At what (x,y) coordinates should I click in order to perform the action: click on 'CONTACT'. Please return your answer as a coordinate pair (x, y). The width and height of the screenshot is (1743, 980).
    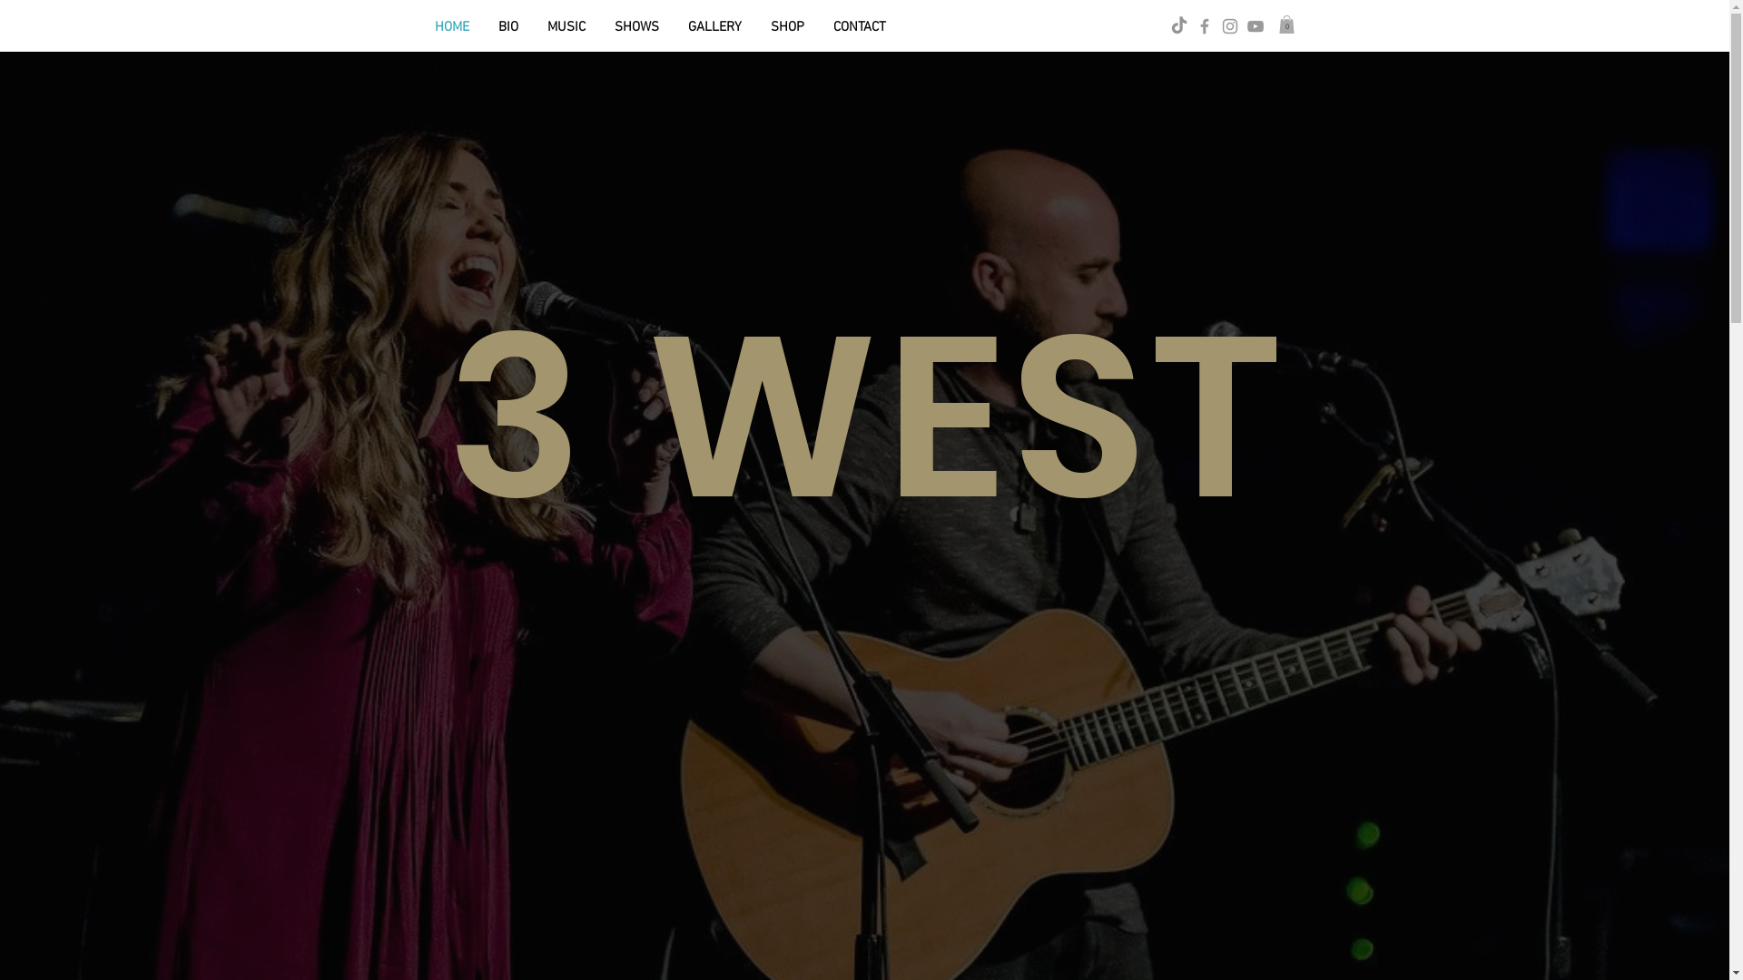
    Looking at the image, I should click on (858, 27).